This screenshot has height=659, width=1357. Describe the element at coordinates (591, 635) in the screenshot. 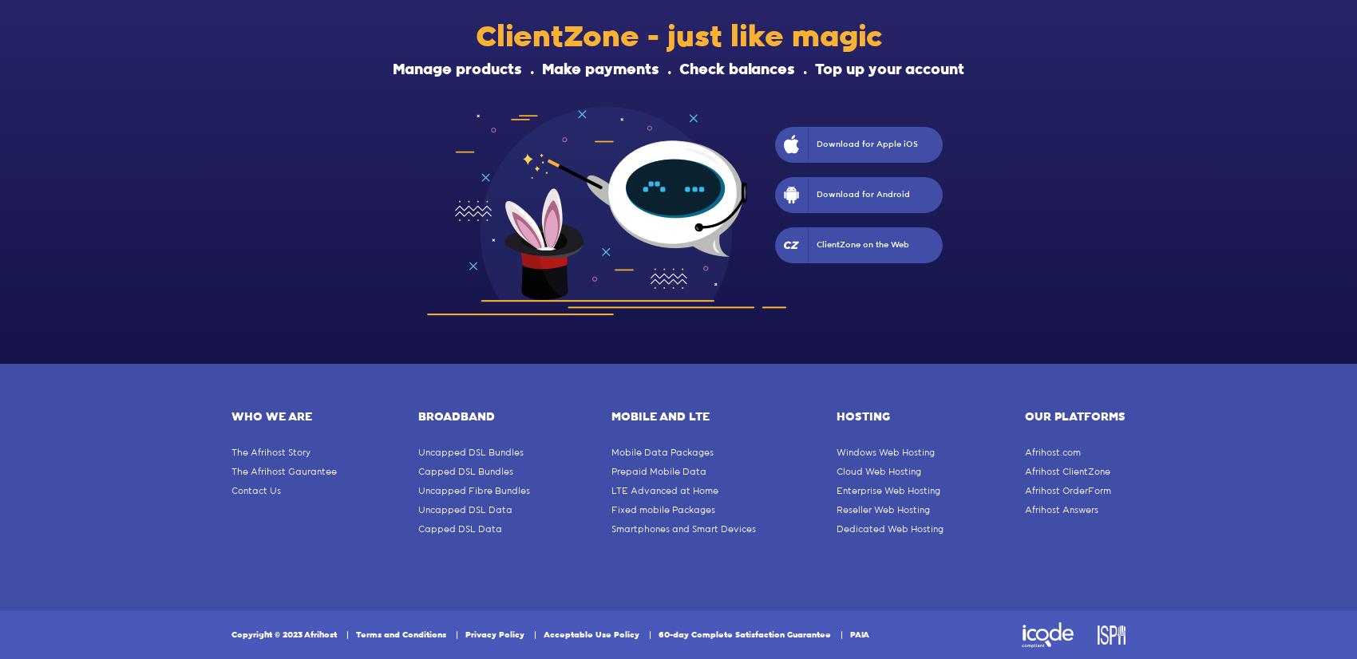

I see `'Acceptable Use Policy'` at that location.